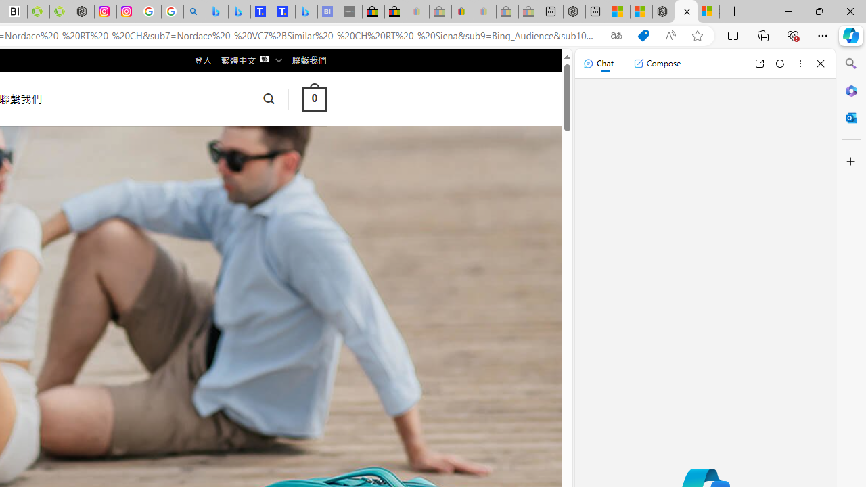 Image resolution: width=866 pixels, height=487 pixels. I want to click on 'alabama high school quarterback dies - Search', so click(194, 11).